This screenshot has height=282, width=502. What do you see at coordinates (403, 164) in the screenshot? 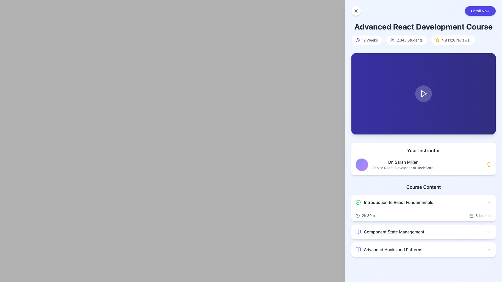
I see `the text label displaying the instructor's name and professional title in the 'Your Instructor' subsection of the UI` at bounding box center [403, 164].